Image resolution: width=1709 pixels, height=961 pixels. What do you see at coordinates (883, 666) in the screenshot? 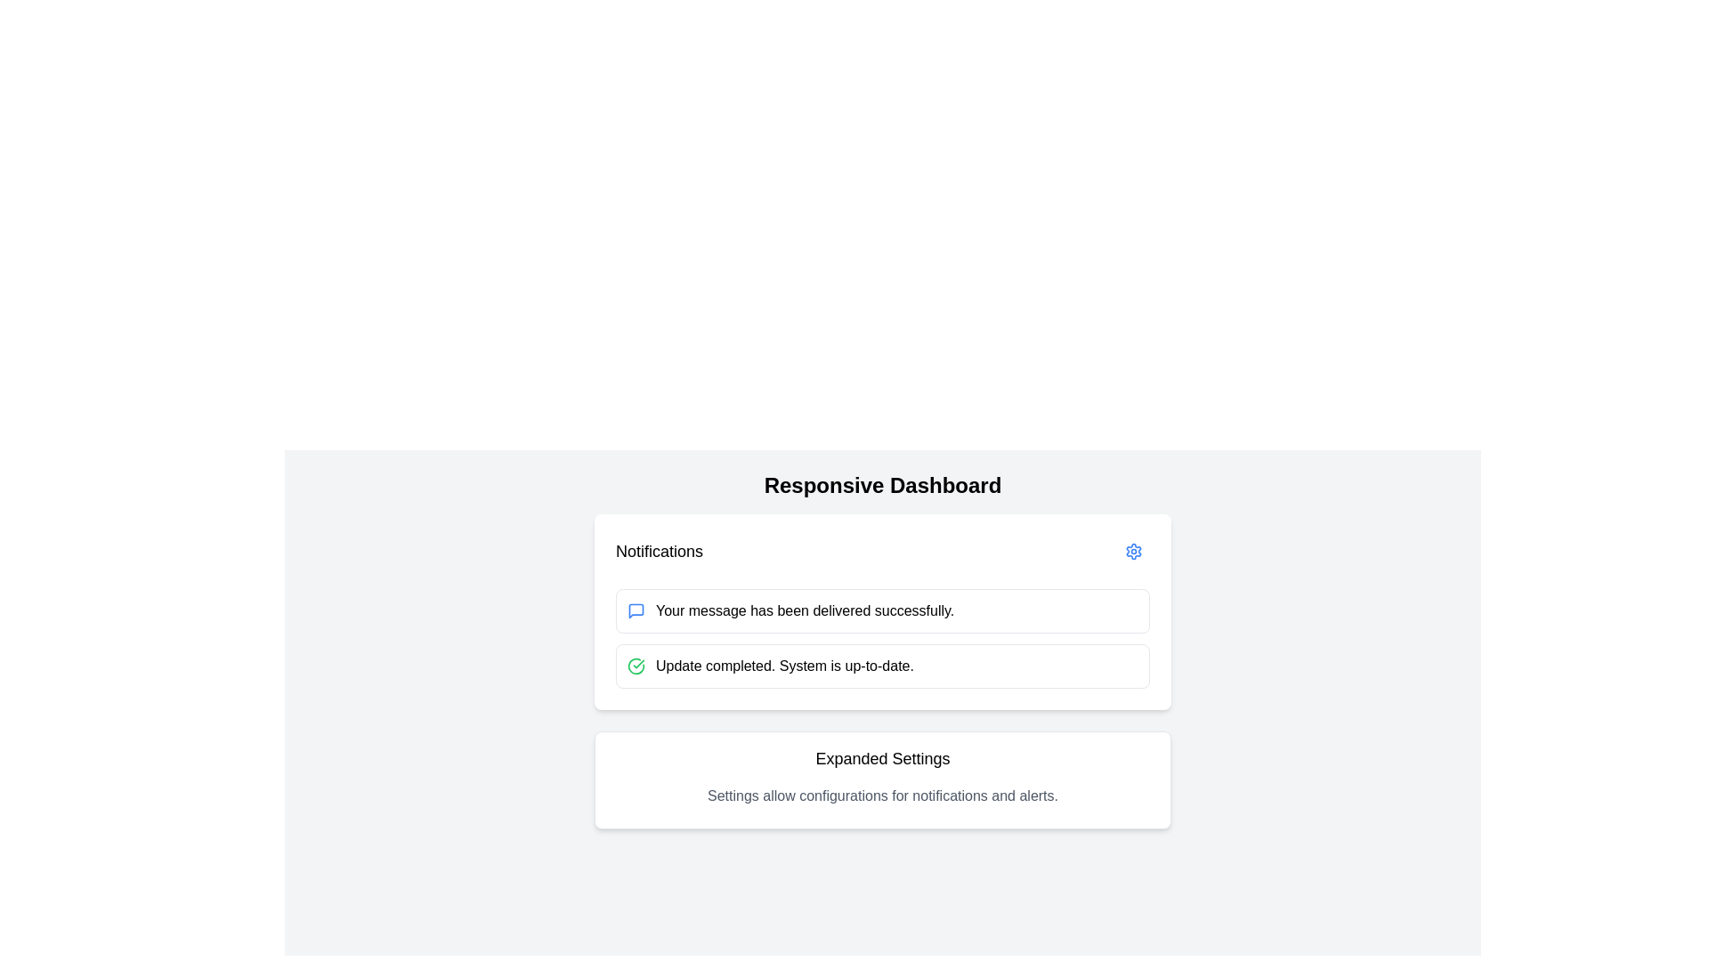
I see `the static notification message that indicates the system has successfully completed an update, located in the second position of the notification list` at bounding box center [883, 666].